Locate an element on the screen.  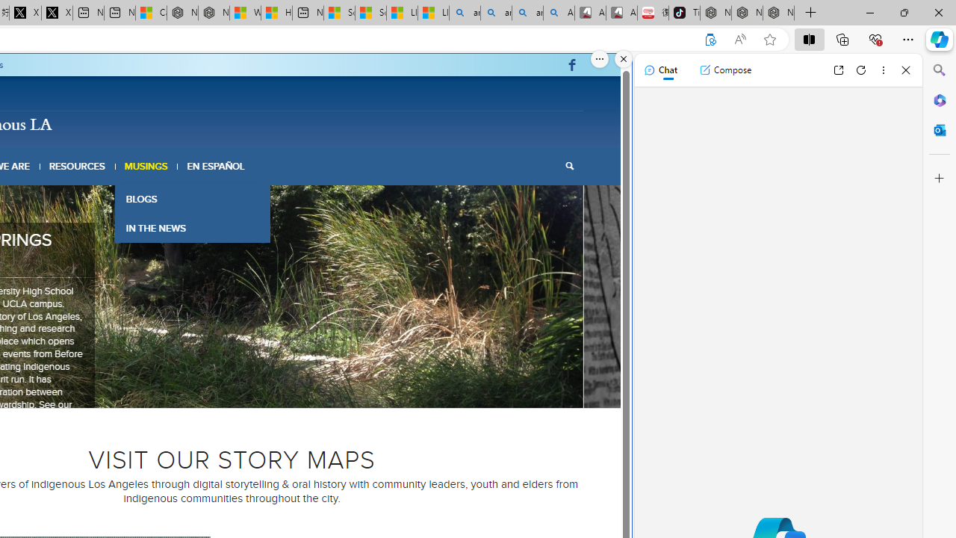
'Huge shark washes ashore at New York City beach | Watch' is located at coordinates (276, 13).